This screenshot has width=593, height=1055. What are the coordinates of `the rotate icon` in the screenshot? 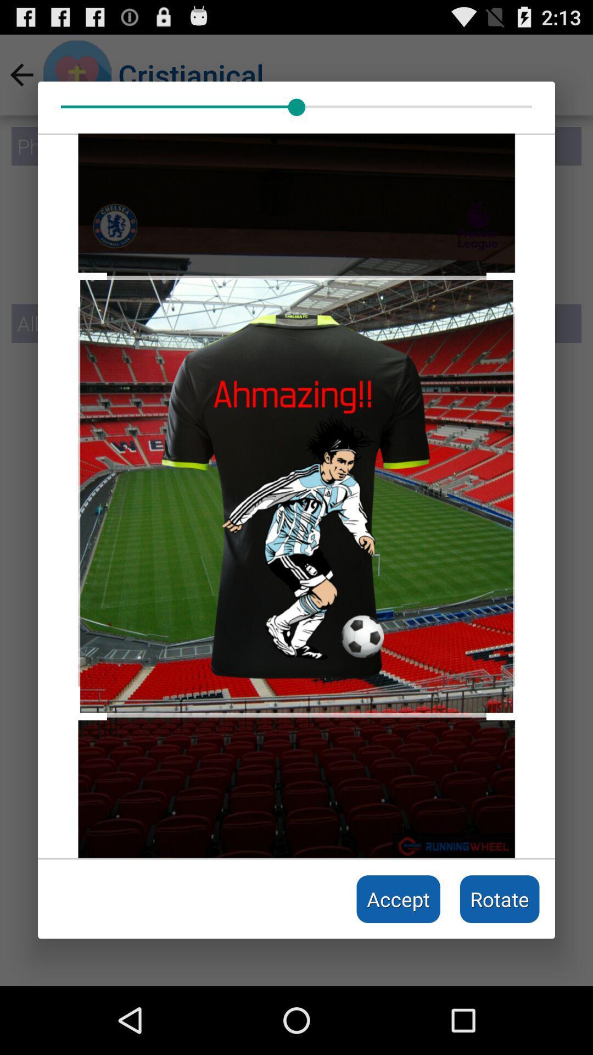 It's located at (500, 899).